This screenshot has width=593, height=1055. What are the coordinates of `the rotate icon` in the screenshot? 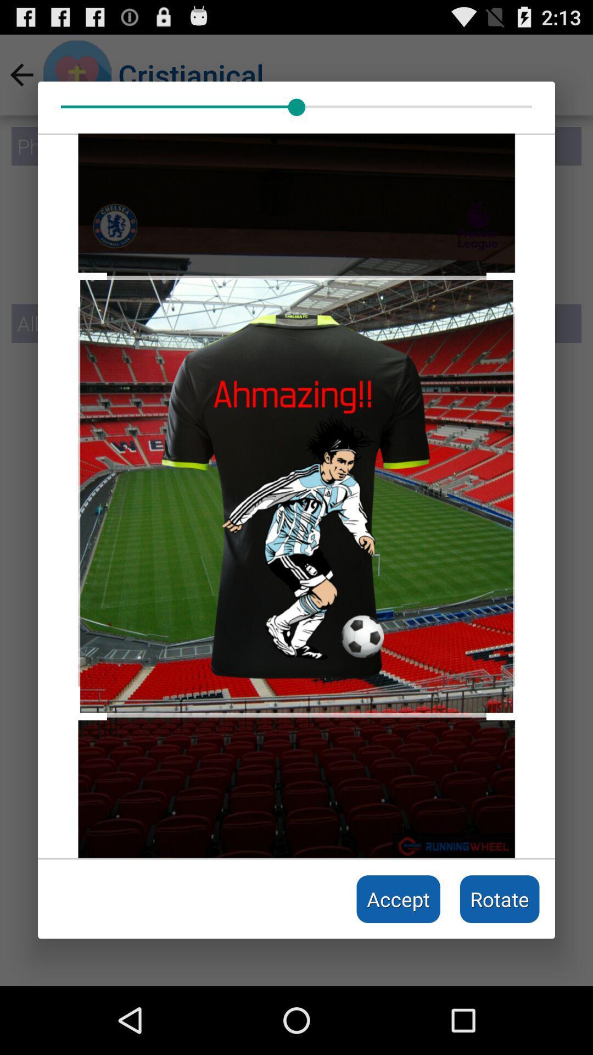 It's located at (500, 899).